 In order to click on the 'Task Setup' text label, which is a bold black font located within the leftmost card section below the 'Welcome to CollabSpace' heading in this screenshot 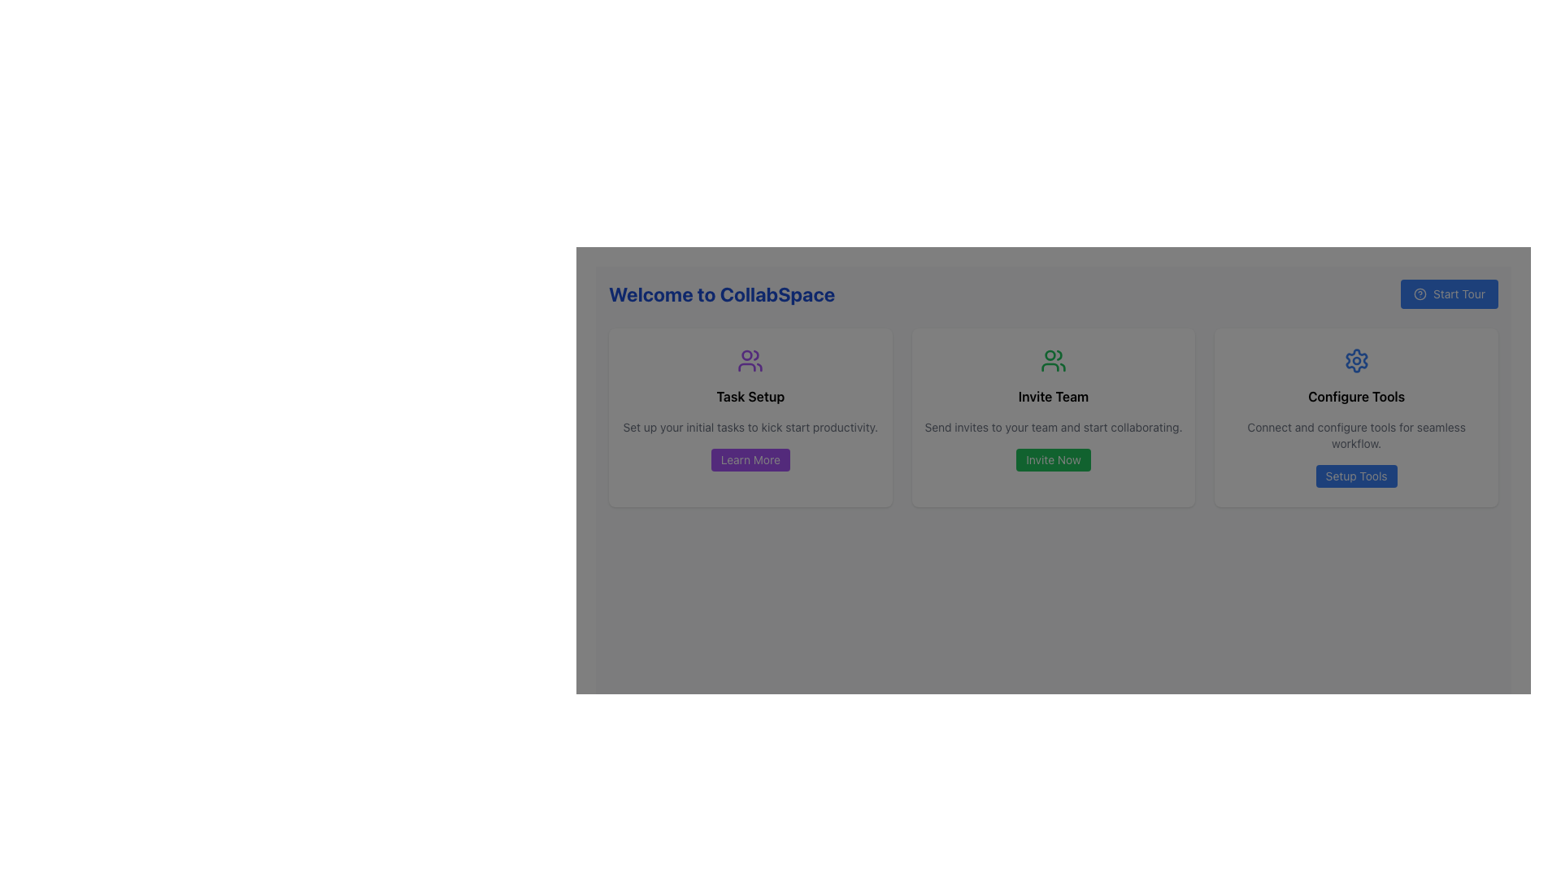, I will do `click(750, 397)`.